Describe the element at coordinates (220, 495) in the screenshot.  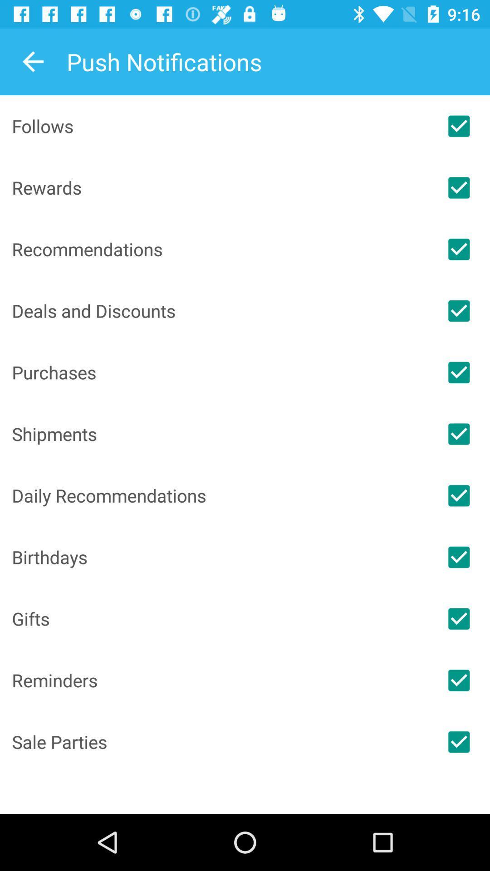
I see `item above the birthdays item` at that location.